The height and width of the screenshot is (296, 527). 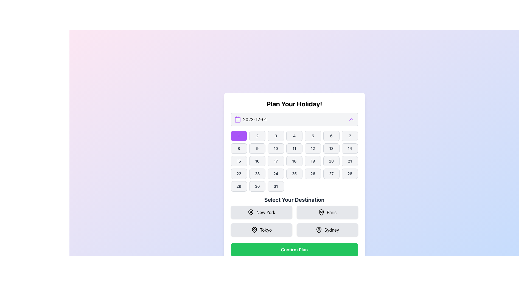 I want to click on the square-shaped button displaying the number '22' with rounded corners and a light background located in the first column of the fourth row in the grid layout, so click(x=239, y=173).